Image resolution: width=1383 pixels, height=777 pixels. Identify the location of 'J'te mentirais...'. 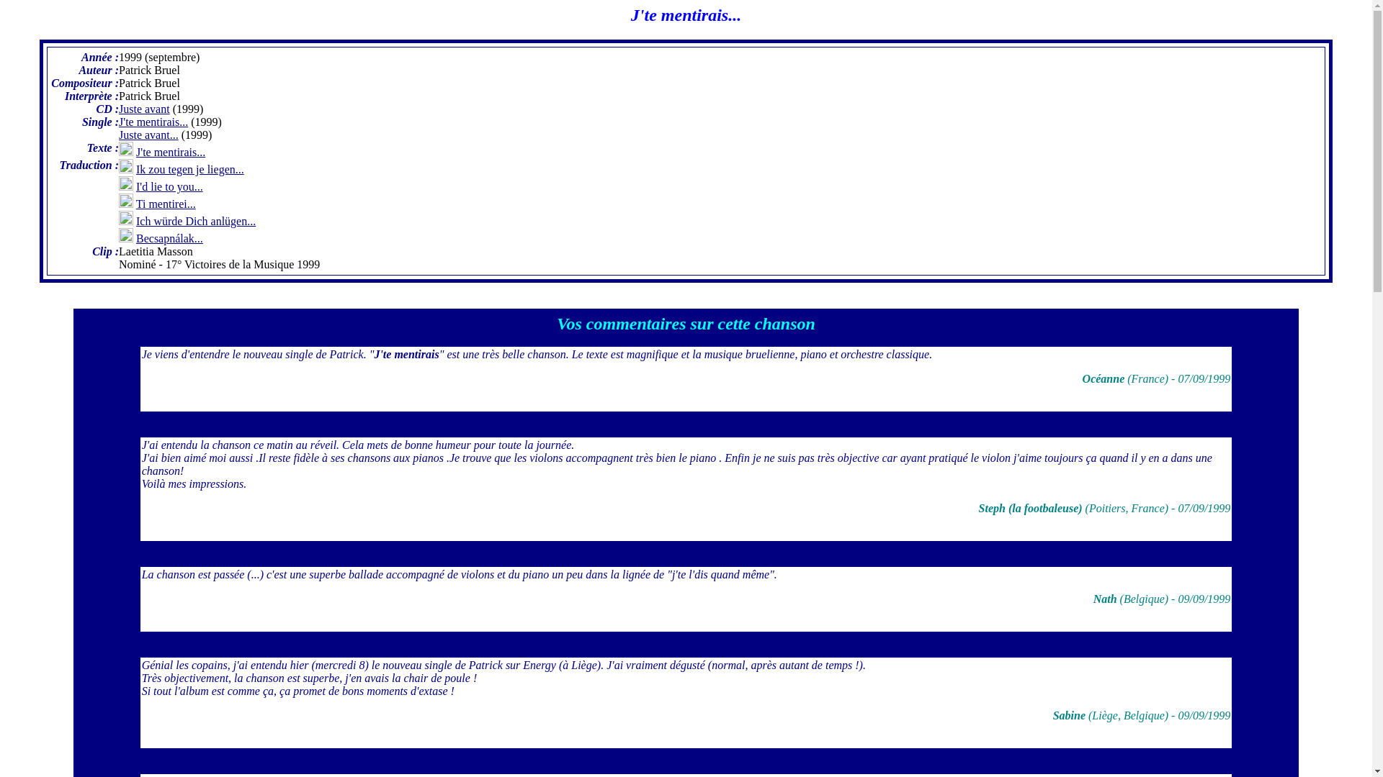
(153, 121).